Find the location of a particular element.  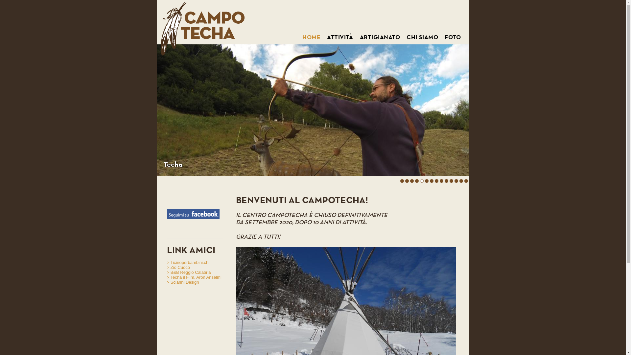

'> Zio Cuoco' is located at coordinates (167, 267).